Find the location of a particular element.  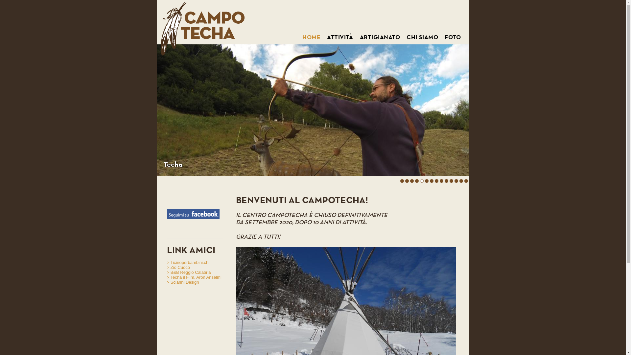

'> Zio Cuoco' is located at coordinates (167, 267).